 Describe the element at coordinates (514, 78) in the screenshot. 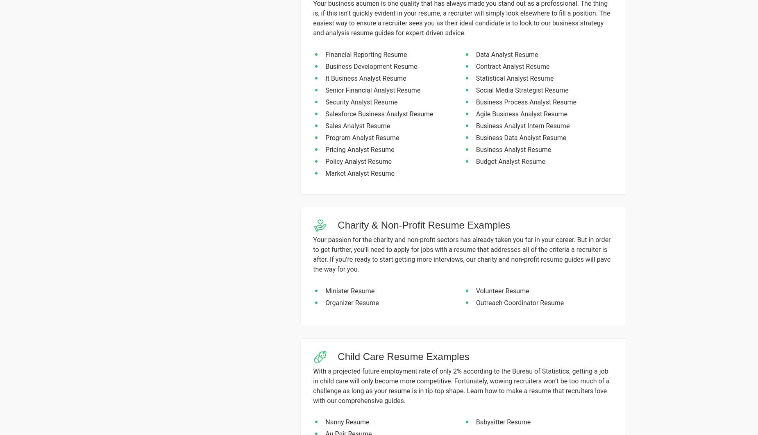

I see `'Statistical Analyst Resume'` at that location.